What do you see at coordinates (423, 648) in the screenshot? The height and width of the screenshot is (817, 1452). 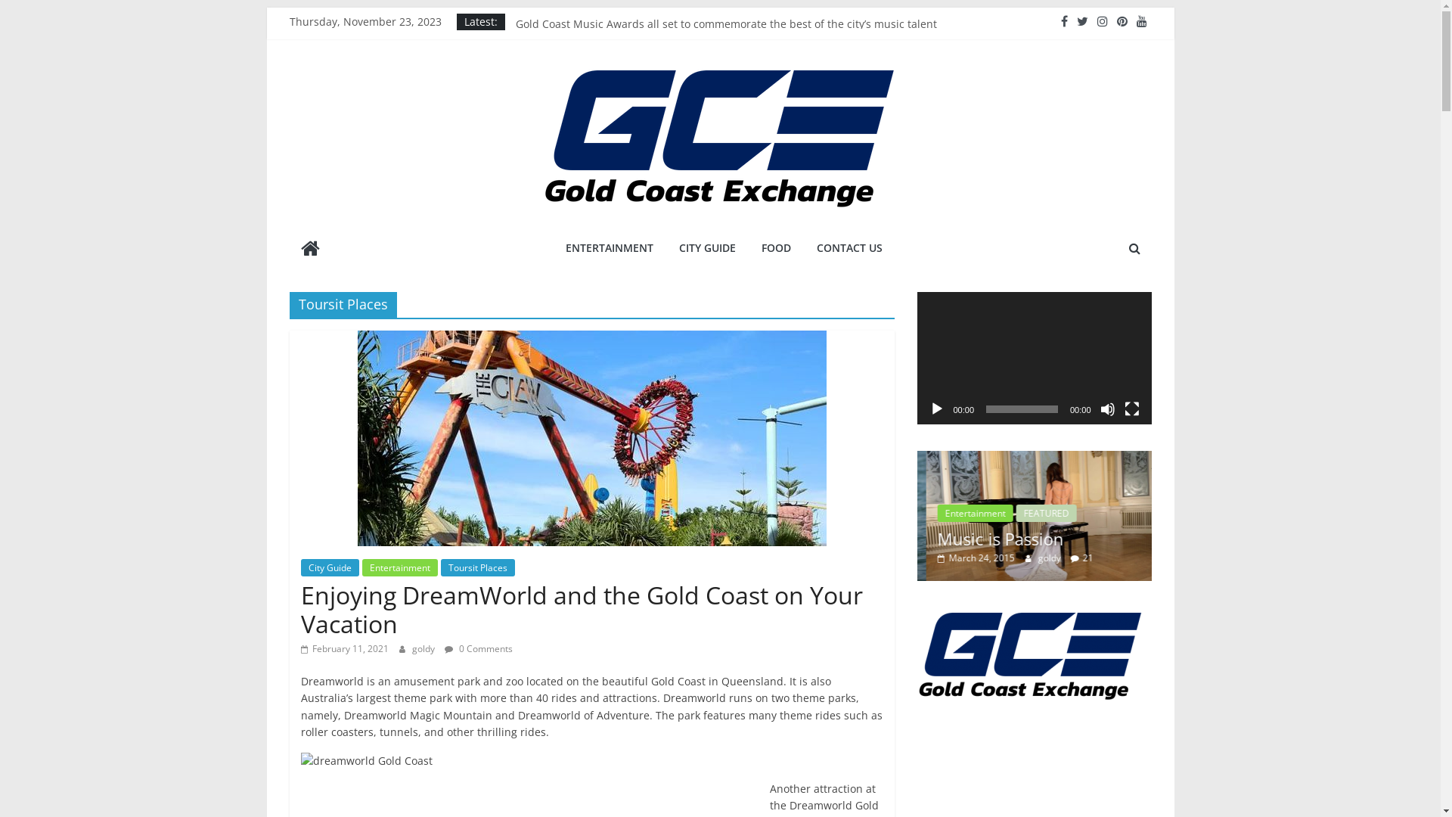 I see `'goldy'` at bounding box center [423, 648].